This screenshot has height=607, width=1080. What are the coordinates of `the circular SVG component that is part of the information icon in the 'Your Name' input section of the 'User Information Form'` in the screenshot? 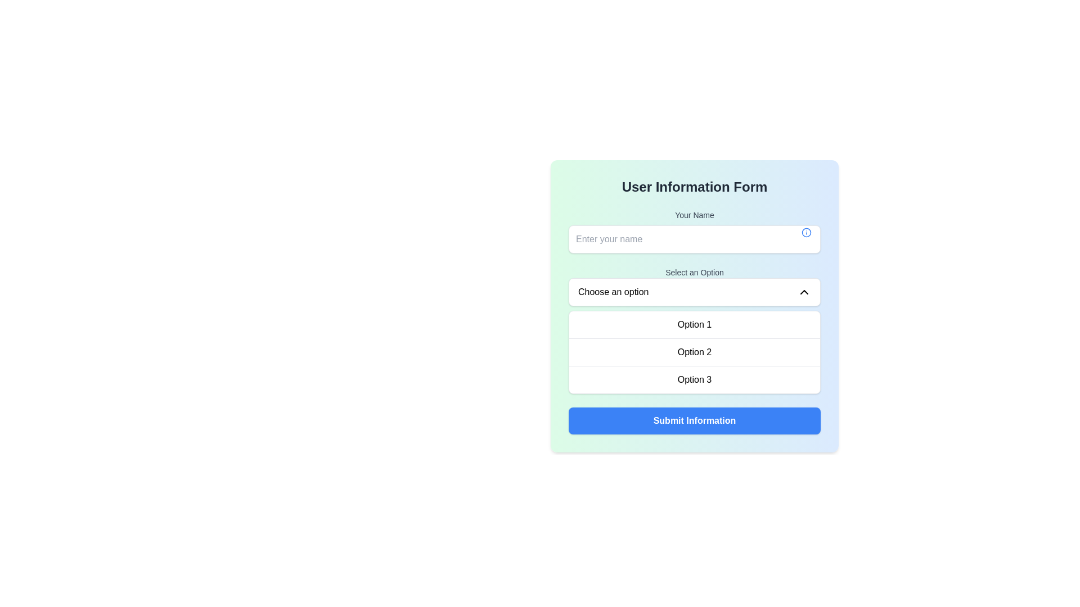 It's located at (806, 232).